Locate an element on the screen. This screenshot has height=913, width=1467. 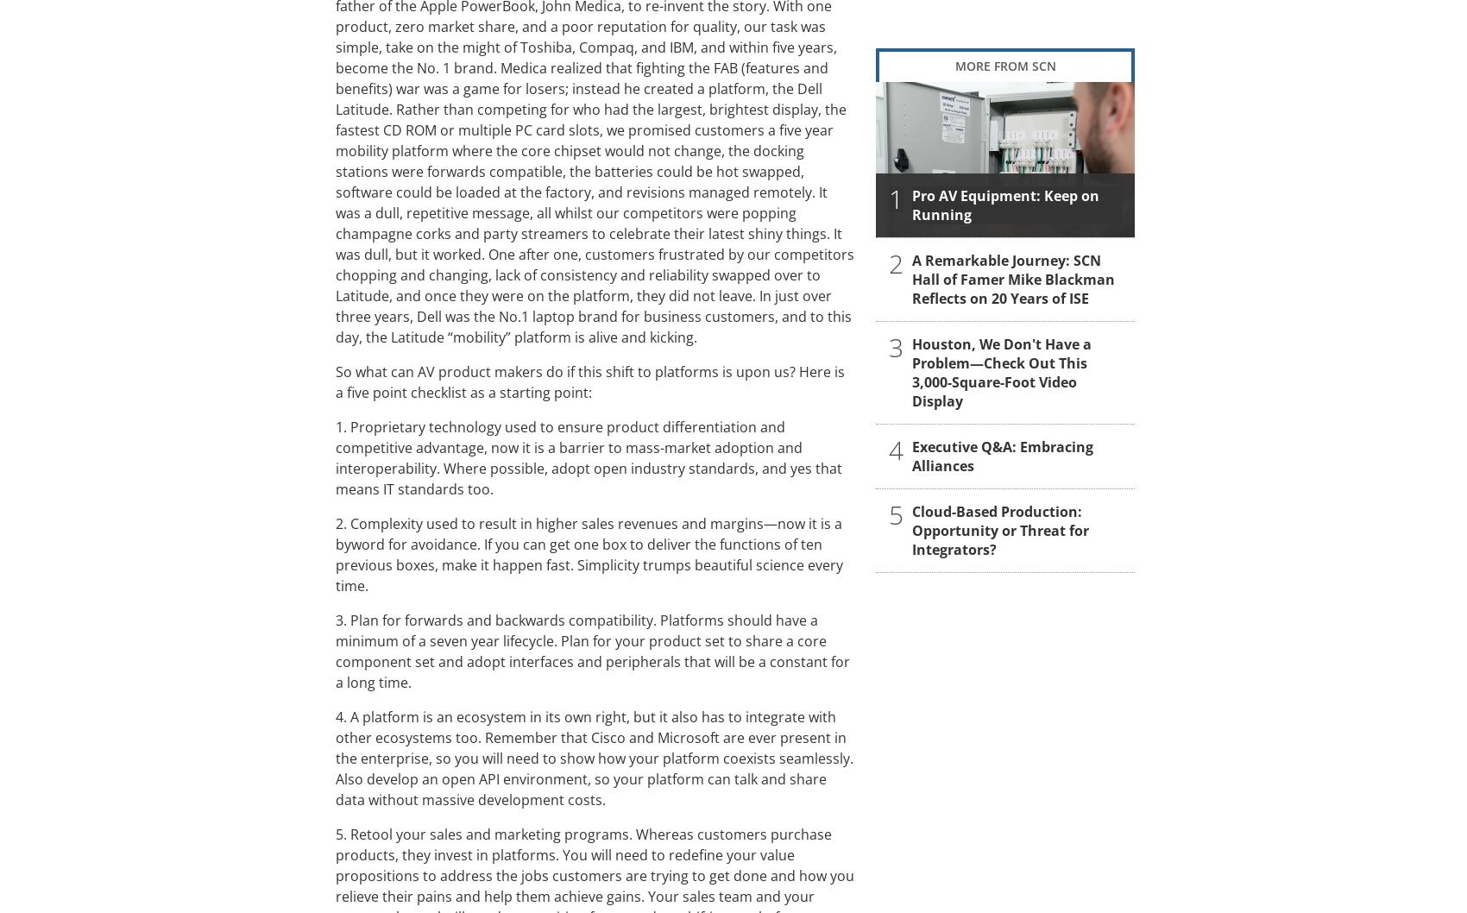
'Cloud-Based Production: Opportunity or Threat for Integrators?' is located at coordinates (1000, 529).